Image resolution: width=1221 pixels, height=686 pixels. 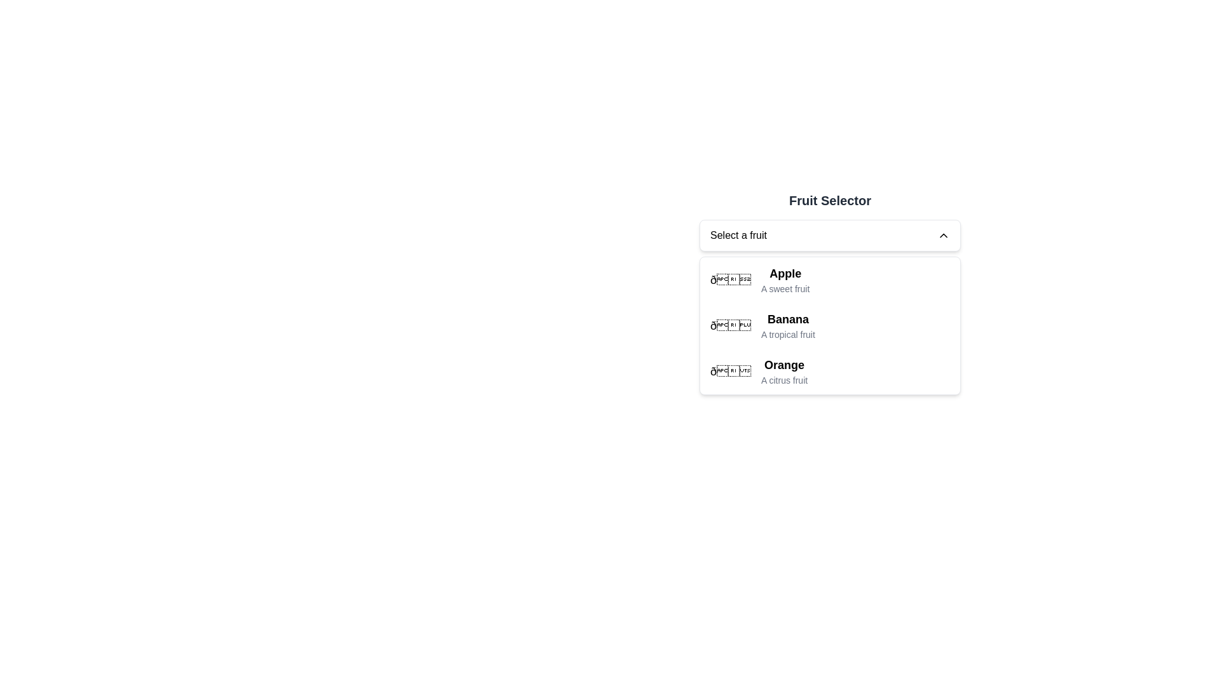 What do you see at coordinates (830, 279) in the screenshot?
I see `the first item 'Apple' in the dropdown menu` at bounding box center [830, 279].